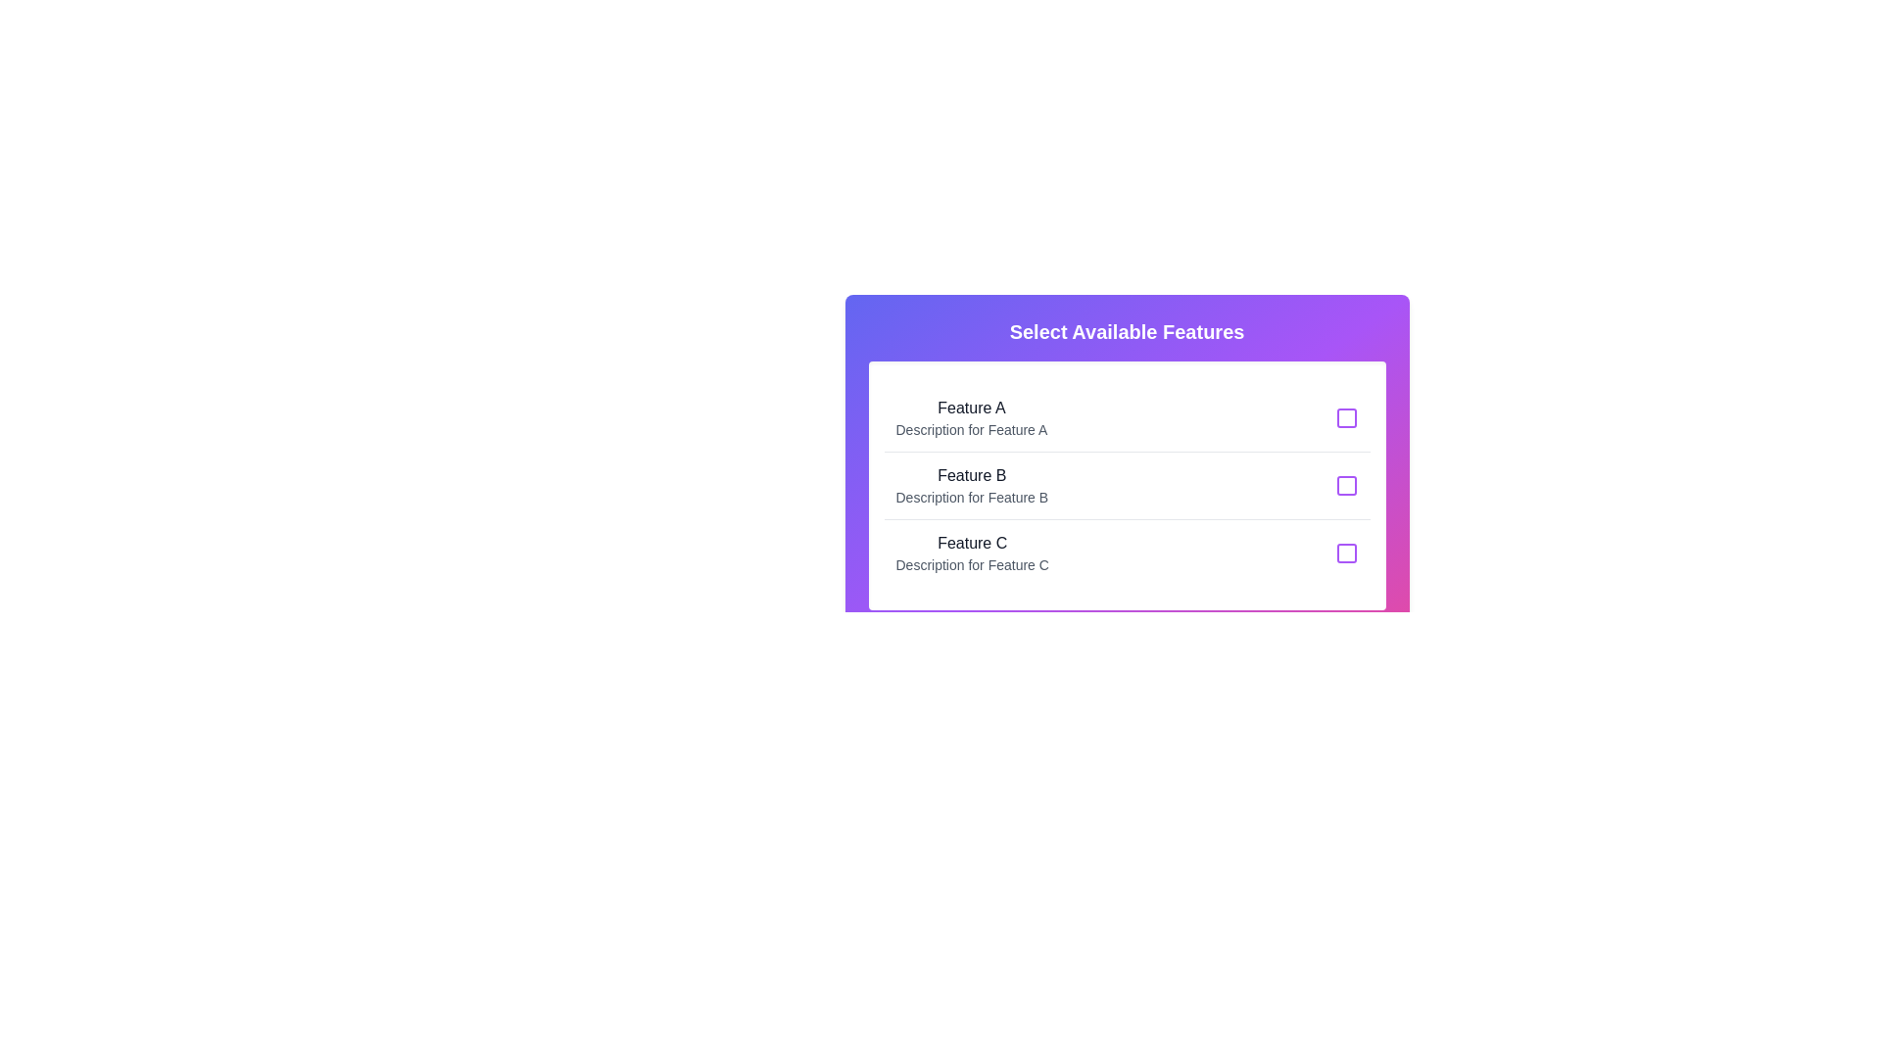 The image size is (1881, 1058). Describe the element at coordinates (972, 565) in the screenshot. I see `description provided by the Text label located directly below 'Feature C' in the listing under 'Select Available Features', which is the third set of information in a vertical list` at that location.